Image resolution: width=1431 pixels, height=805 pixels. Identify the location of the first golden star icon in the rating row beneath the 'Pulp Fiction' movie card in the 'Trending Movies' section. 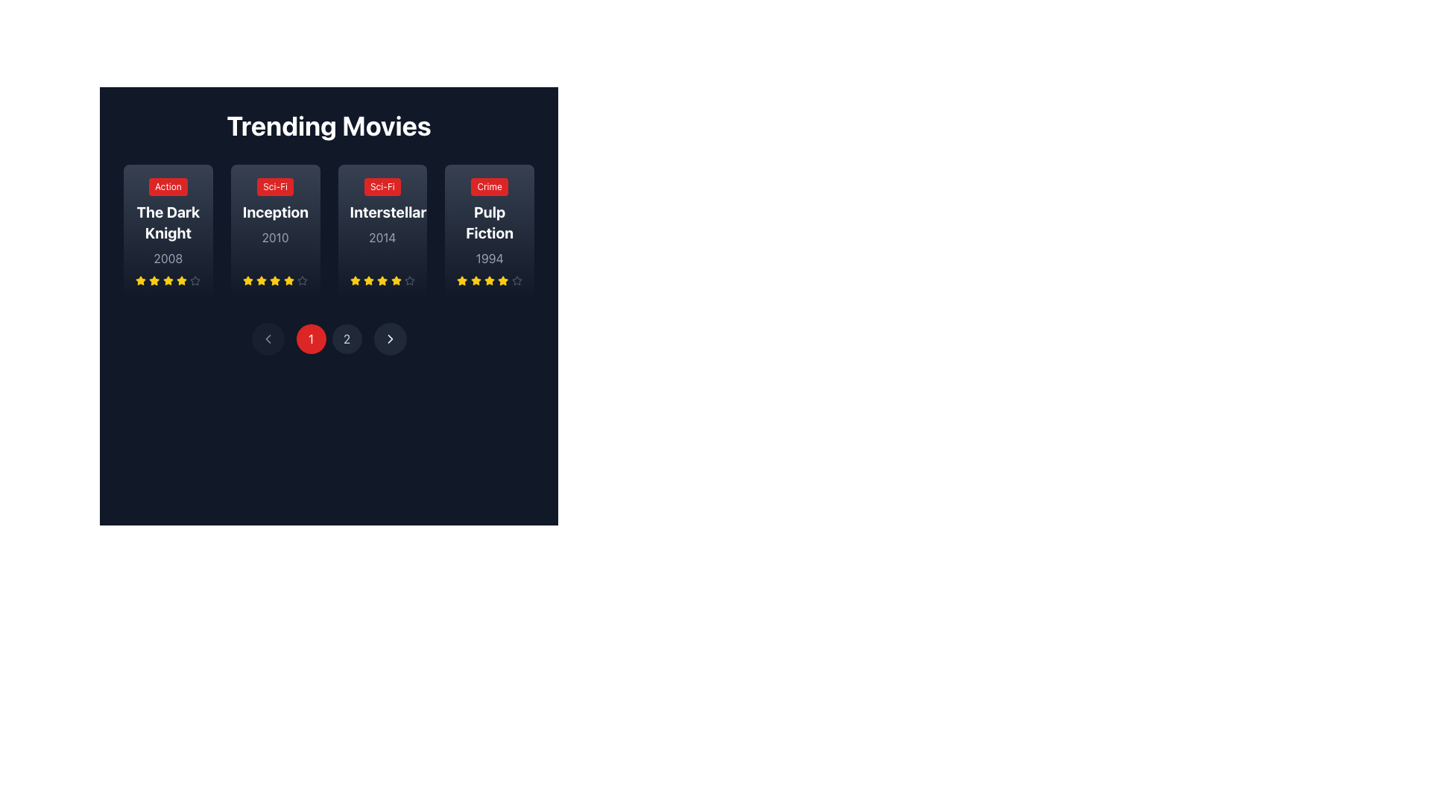
(461, 280).